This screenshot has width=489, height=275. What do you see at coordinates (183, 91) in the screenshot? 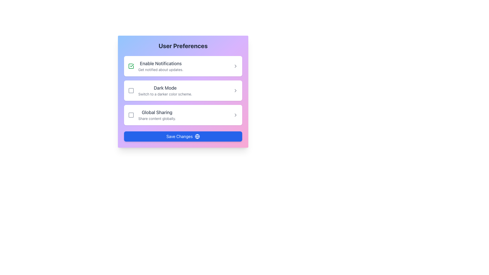
I see `the 'Dark Mode' preference setting section within the 'User Preferences' card` at bounding box center [183, 91].